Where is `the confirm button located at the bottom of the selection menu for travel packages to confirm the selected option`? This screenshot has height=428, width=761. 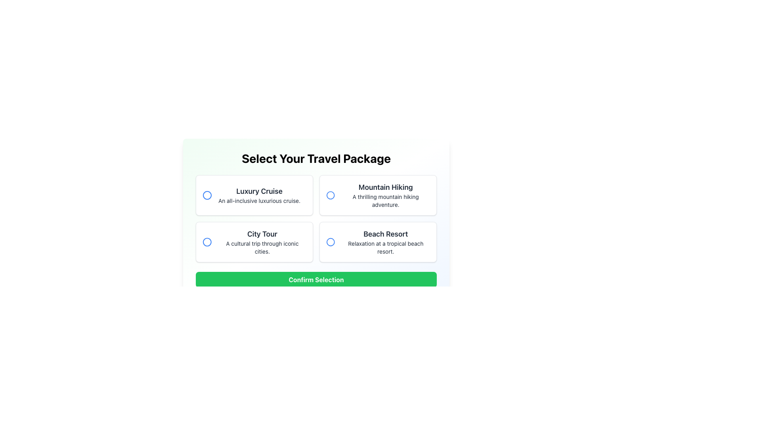 the confirm button located at the bottom of the selection menu for travel packages to confirm the selected option is located at coordinates (315, 279).